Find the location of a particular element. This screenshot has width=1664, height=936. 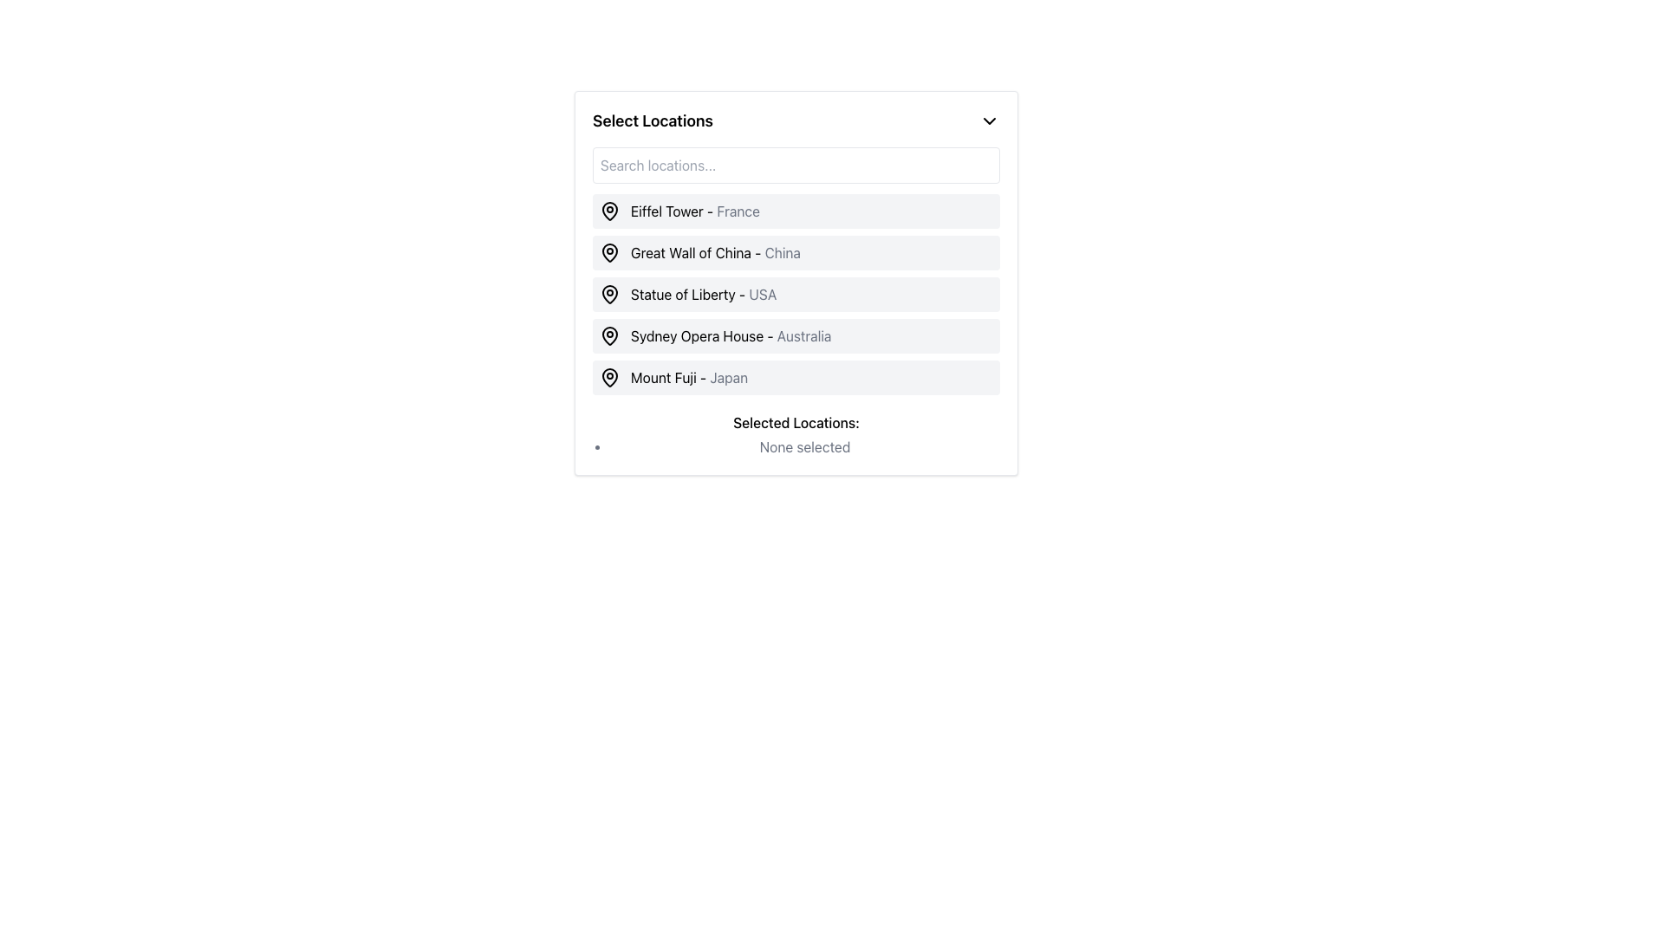

the map pin icon, which is depicted in black strokes and located adjacent to the text 'Statue of Liberty - USA' is located at coordinates (610, 293).